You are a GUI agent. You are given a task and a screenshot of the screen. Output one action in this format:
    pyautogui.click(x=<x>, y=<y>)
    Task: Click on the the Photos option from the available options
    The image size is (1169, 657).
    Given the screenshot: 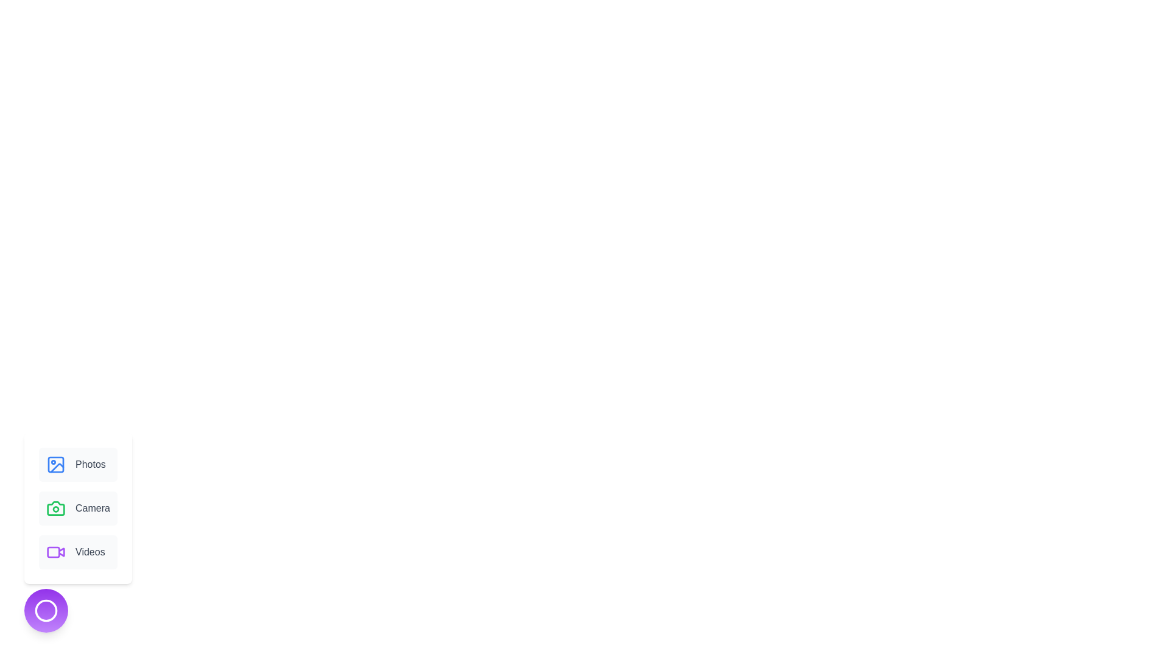 What is the action you would take?
    pyautogui.click(x=77, y=464)
    